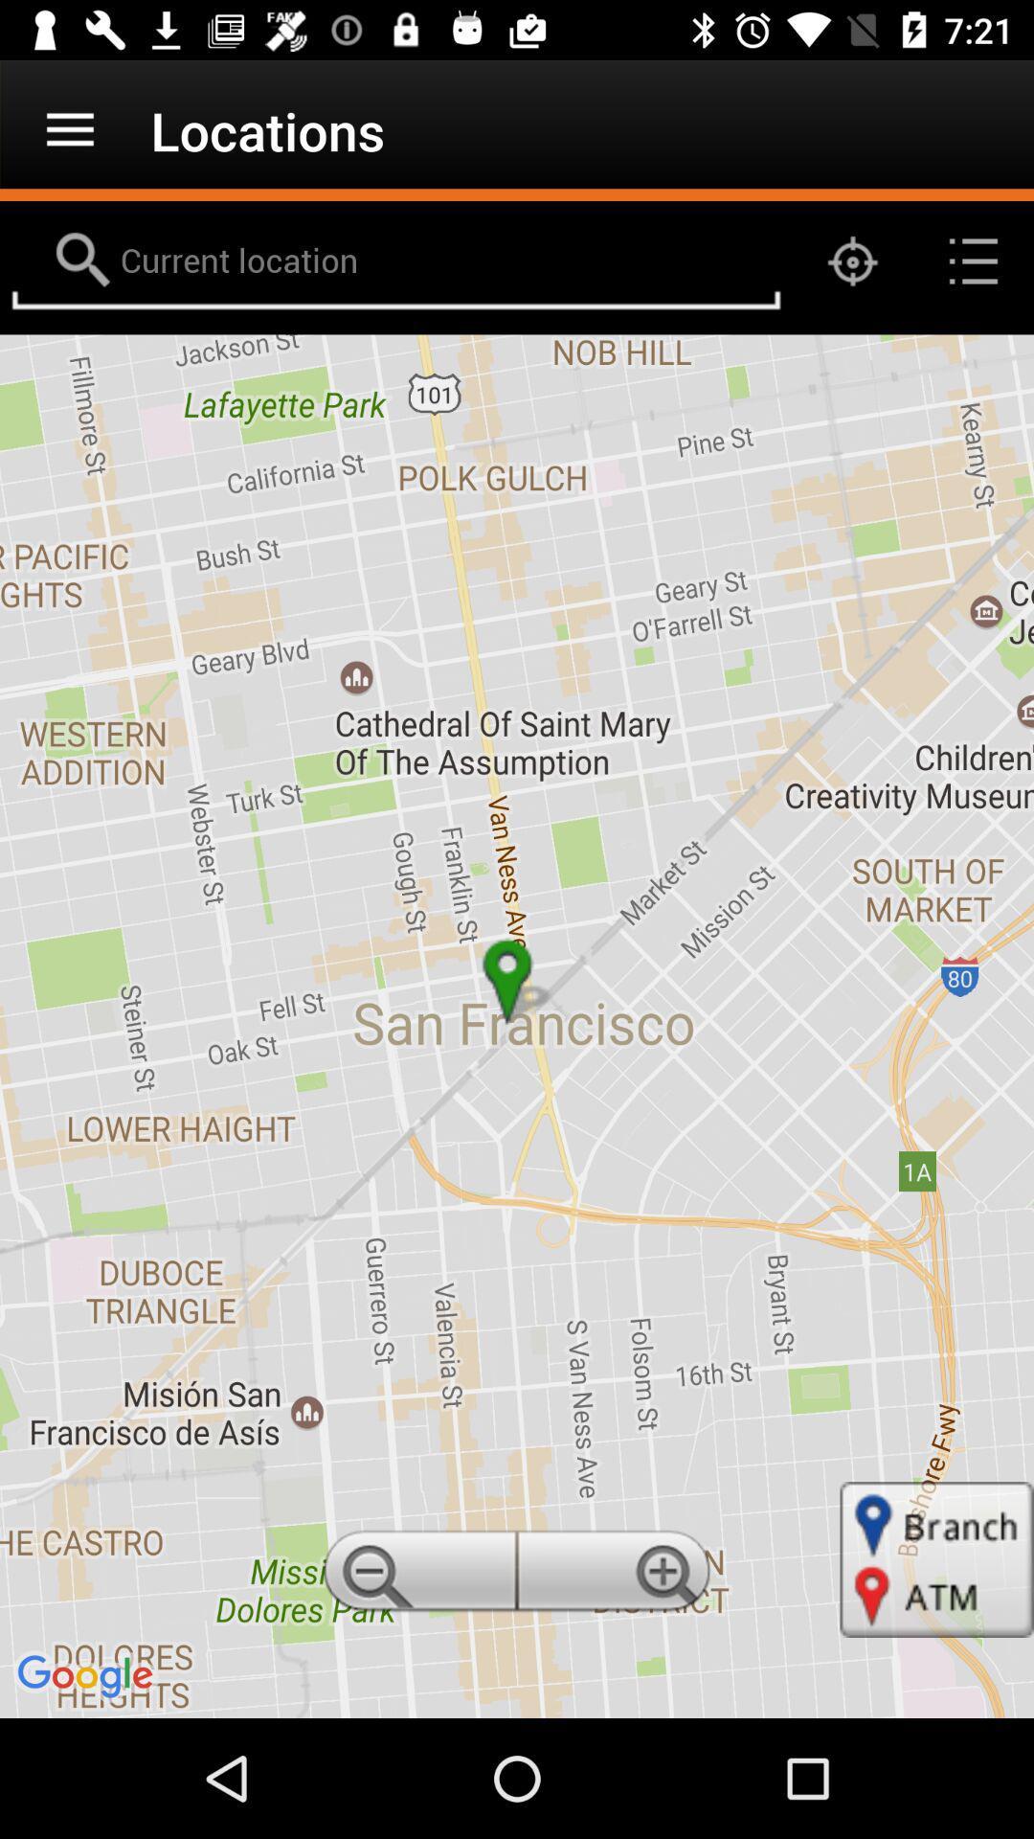 Image resolution: width=1034 pixels, height=1839 pixels. What do you see at coordinates (974, 261) in the screenshot?
I see `the list icon` at bounding box center [974, 261].